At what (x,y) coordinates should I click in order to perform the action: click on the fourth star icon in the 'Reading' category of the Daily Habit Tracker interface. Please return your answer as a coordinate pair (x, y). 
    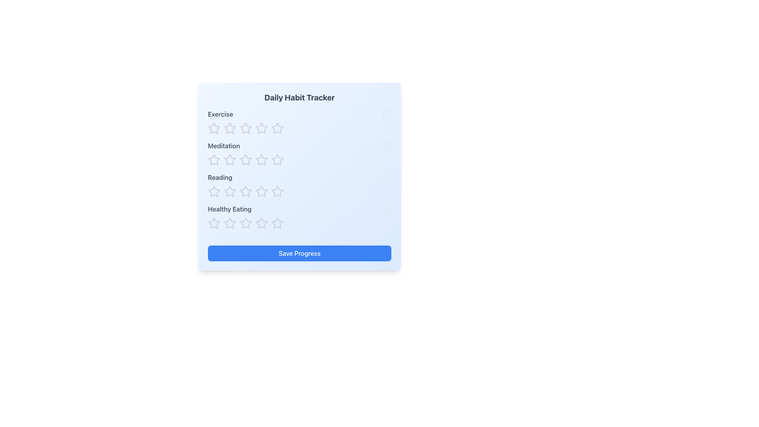
    Looking at the image, I should click on (277, 191).